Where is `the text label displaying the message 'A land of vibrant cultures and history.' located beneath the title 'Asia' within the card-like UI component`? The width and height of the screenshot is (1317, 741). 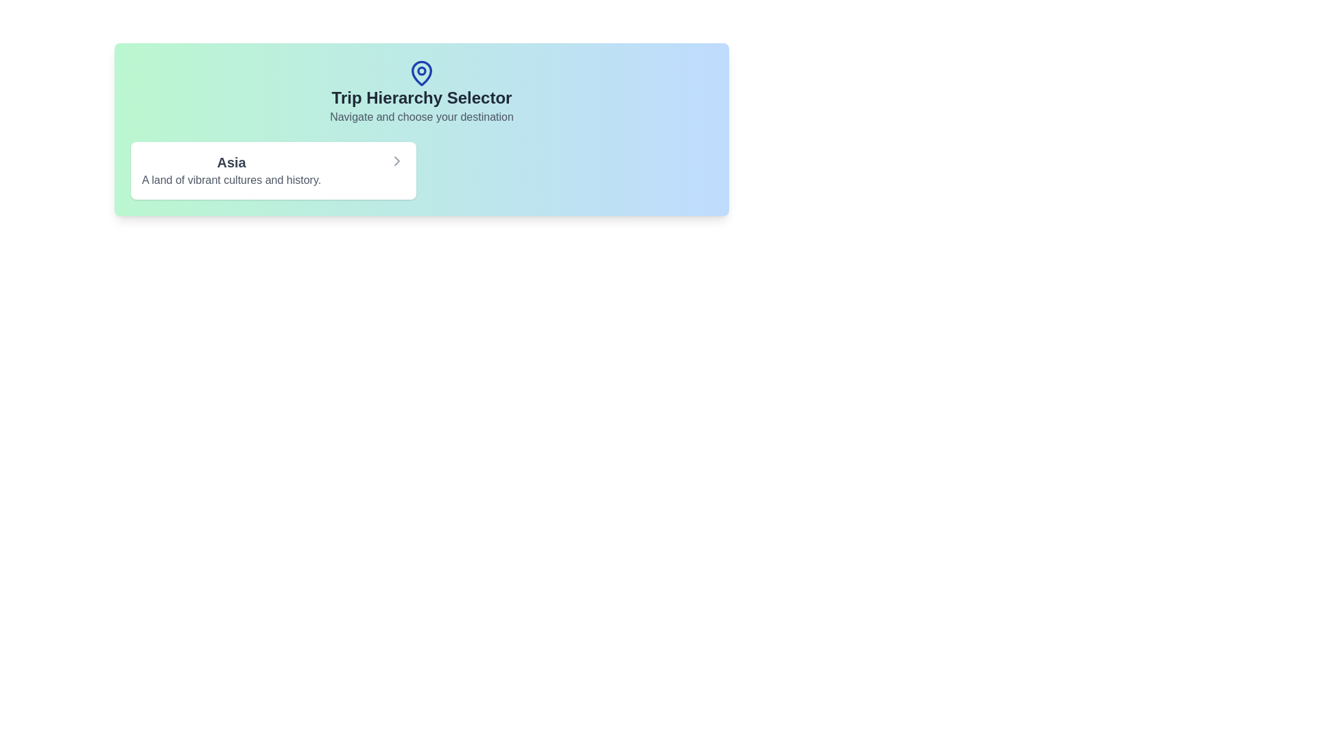 the text label displaying the message 'A land of vibrant cultures and history.' located beneath the title 'Asia' within the card-like UI component is located at coordinates (231, 179).